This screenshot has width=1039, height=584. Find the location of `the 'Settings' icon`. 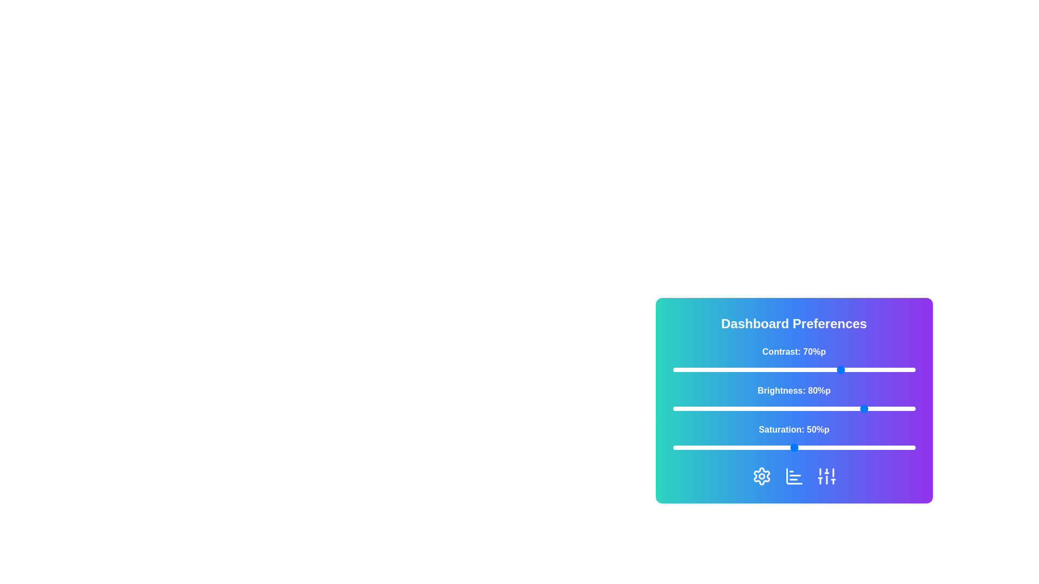

the 'Settings' icon is located at coordinates (761, 475).